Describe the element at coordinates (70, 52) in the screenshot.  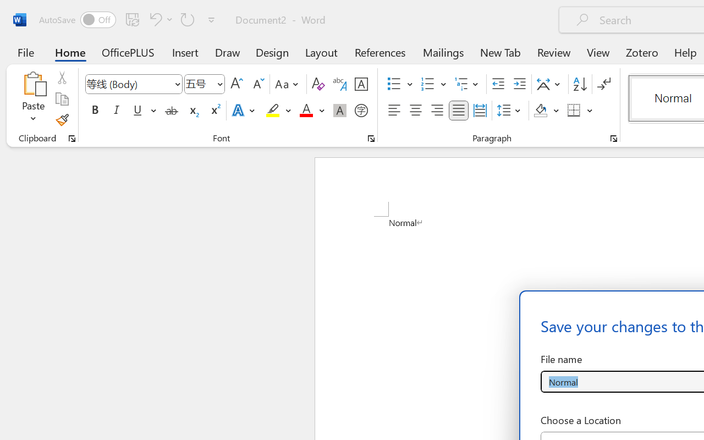
I see `'Home'` at that location.